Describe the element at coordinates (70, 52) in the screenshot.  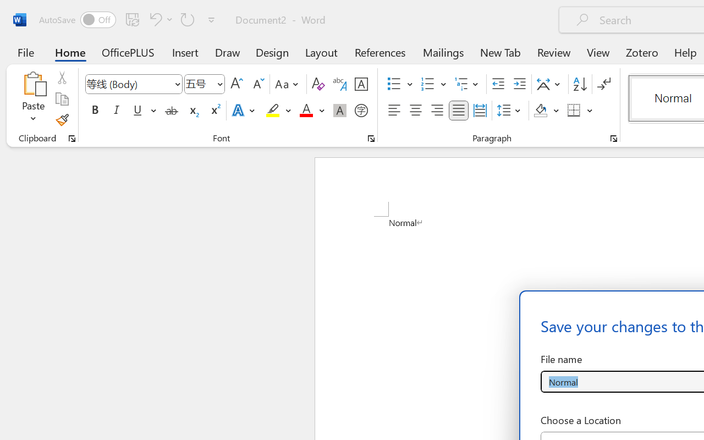
I see `'Home'` at that location.